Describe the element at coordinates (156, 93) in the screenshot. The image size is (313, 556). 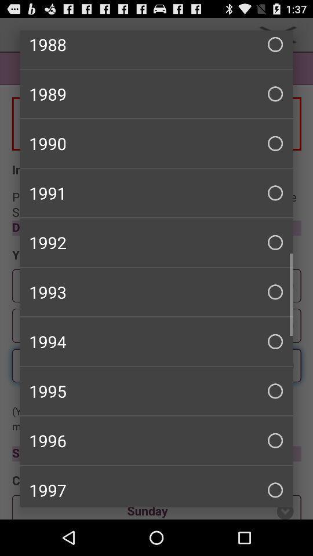
I see `the checkbox above the 1990 item` at that location.